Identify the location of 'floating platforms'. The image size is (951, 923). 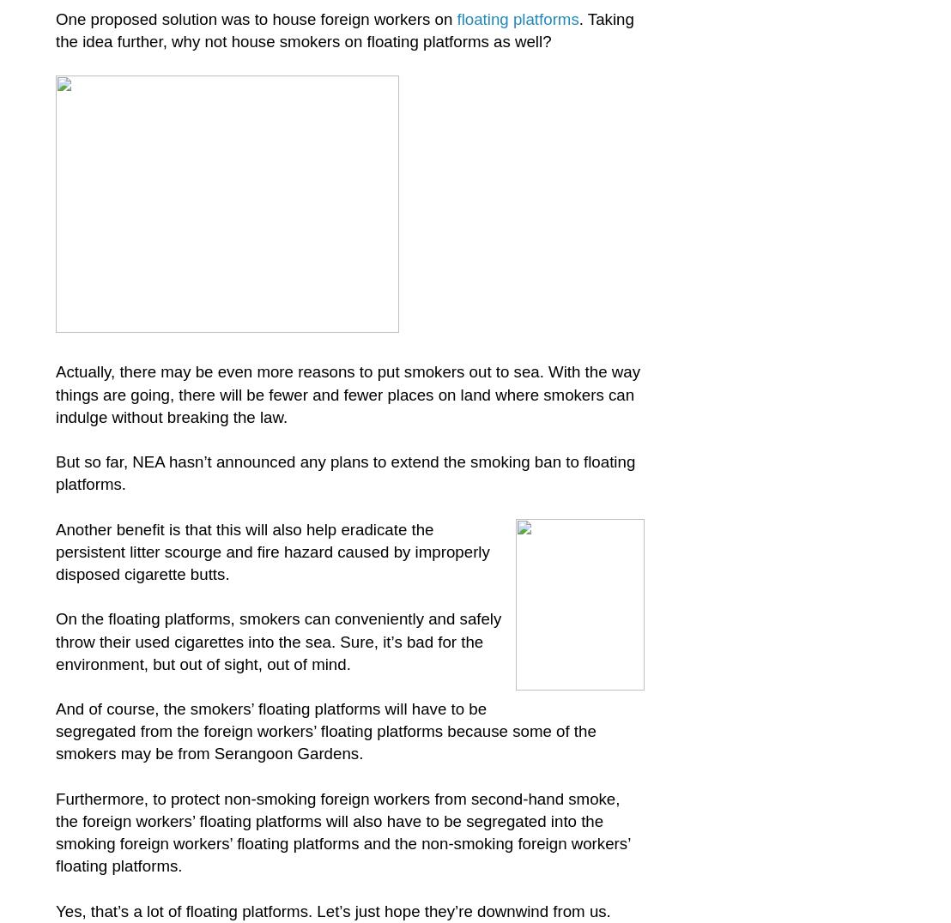
(516, 17).